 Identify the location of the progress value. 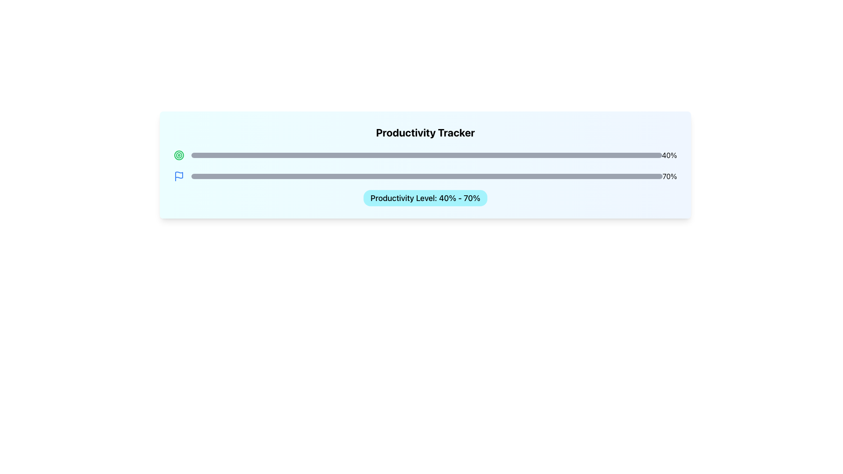
(573, 176).